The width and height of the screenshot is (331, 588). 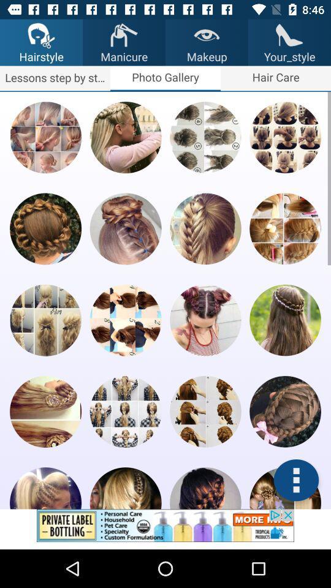 What do you see at coordinates (165, 529) in the screenshot?
I see `addverdisment` at bounding box center [165, 529].